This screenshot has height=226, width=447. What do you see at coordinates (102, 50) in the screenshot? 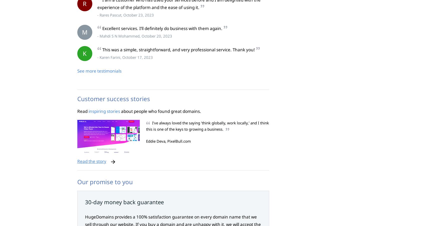
I see `'This was a simple, straightforward, and very professional service. Thank you!'` at bounding box center [102, 50].